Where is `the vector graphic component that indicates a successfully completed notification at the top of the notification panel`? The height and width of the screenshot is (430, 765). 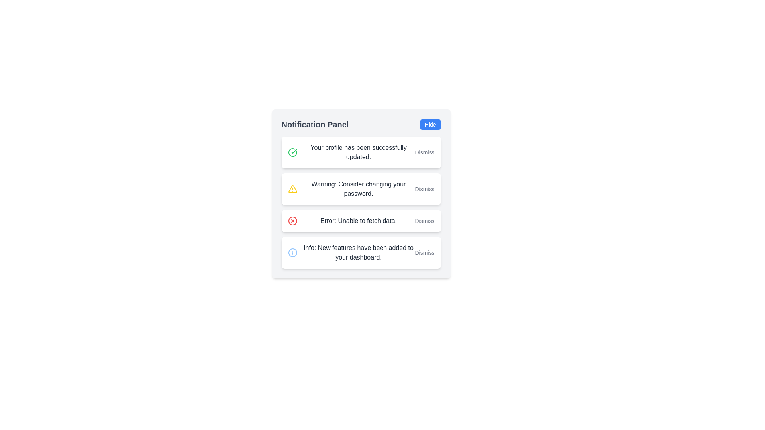
the vector graphic component that indicates a successfully completed notification at the top of the notification panel is located at coordinates (294, 151).